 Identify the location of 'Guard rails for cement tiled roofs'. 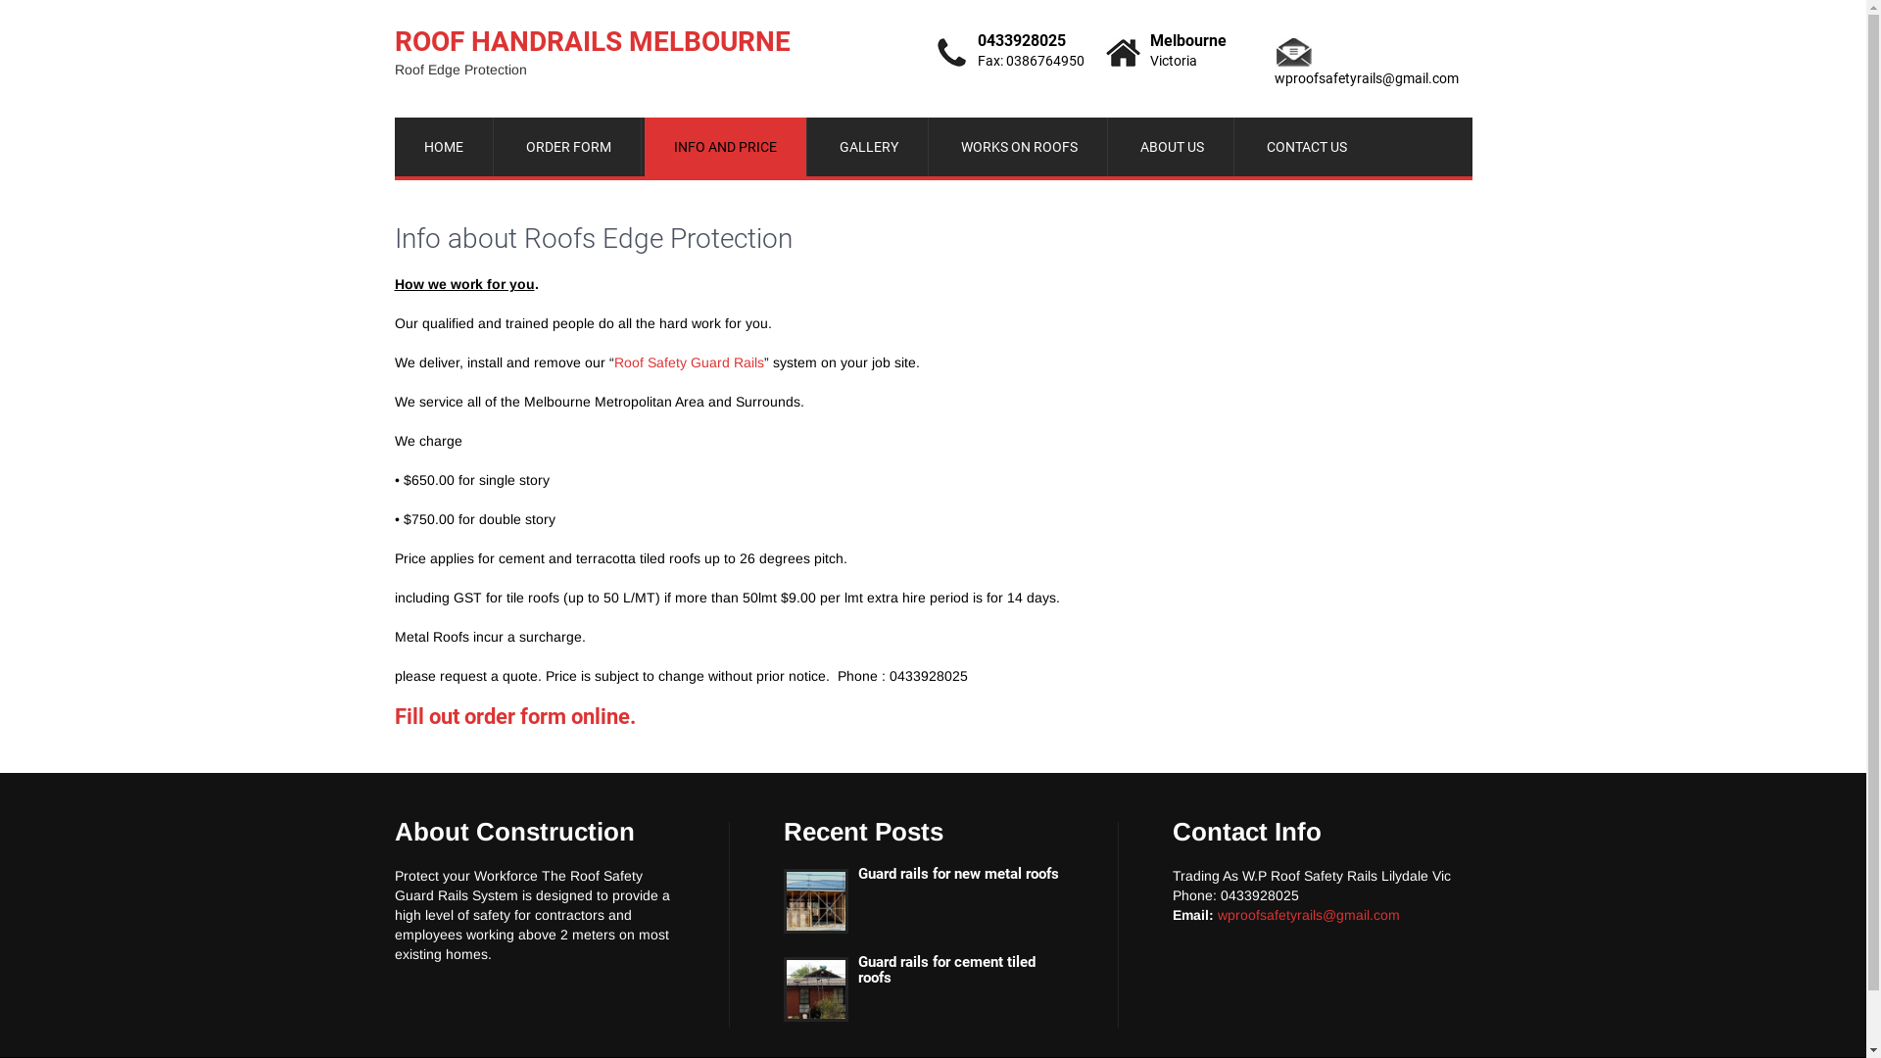
(922, 970).